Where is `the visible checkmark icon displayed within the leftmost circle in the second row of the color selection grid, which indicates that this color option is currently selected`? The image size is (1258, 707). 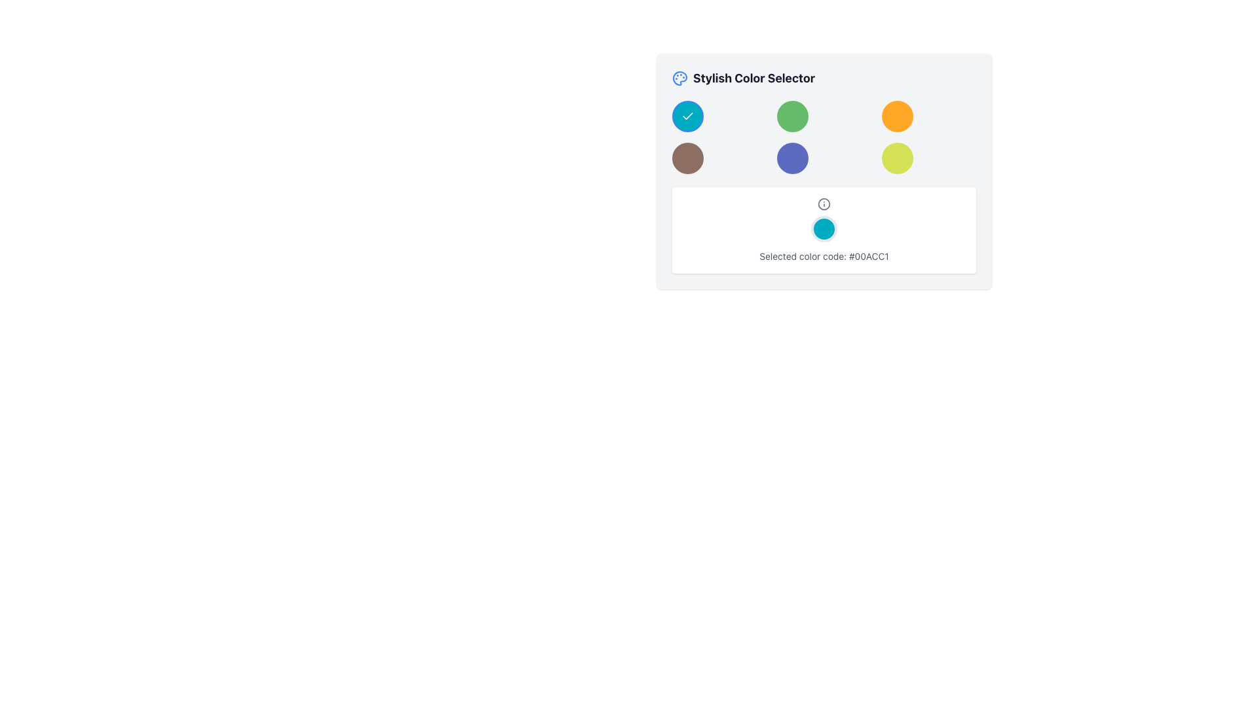
the visible checkmark icon displayed within the leftmost circle in the second row of the color selection grid, which indicates that this color option is currently selected is located at coordinates (687, 115).